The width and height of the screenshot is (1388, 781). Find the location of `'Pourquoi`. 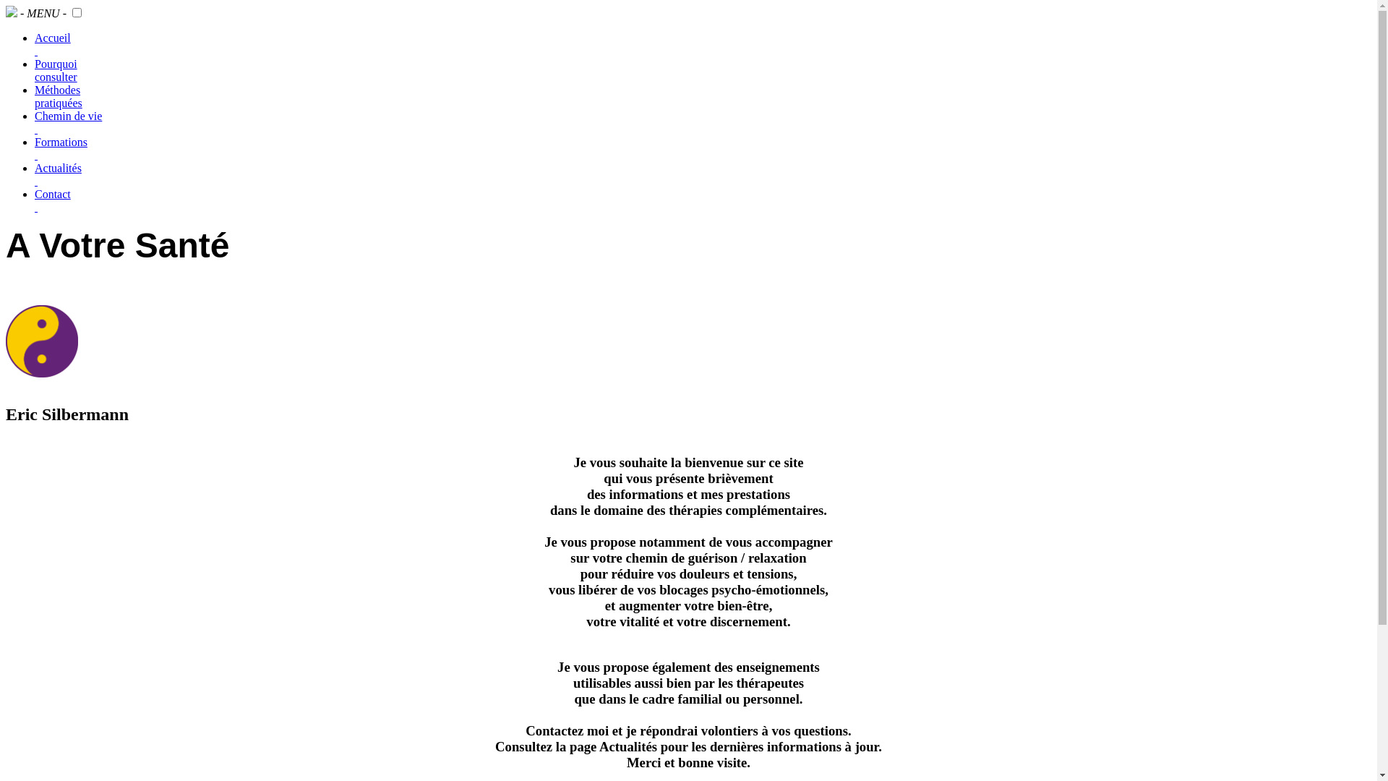

'Pourquoi is located at coordinates (56, 70).